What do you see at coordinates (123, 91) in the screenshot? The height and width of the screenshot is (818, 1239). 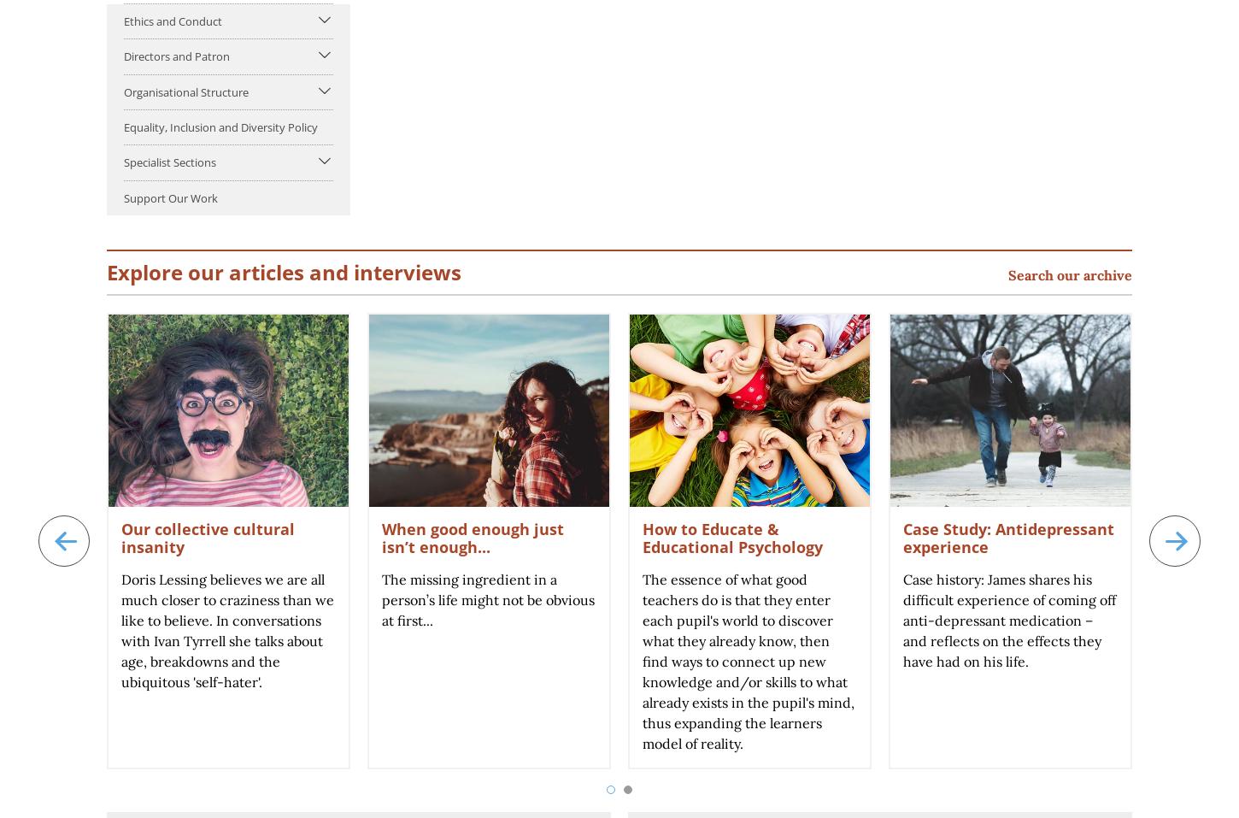 I see `'Organisational Structure'` at bounding box center [123, 91].